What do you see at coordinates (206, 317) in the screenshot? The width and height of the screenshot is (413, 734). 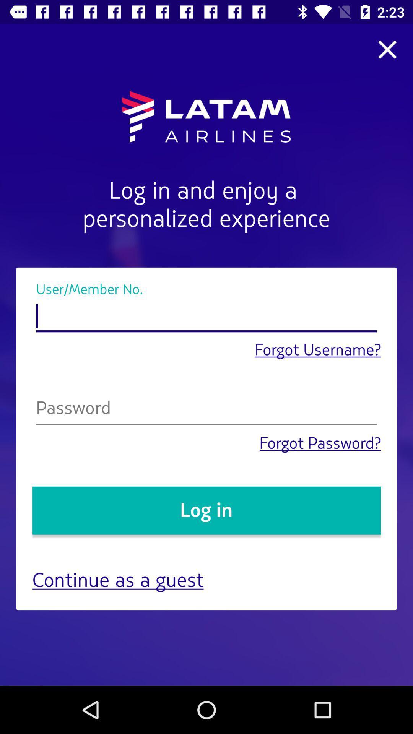 I see `user or member number` at bounding box center [206, 317].